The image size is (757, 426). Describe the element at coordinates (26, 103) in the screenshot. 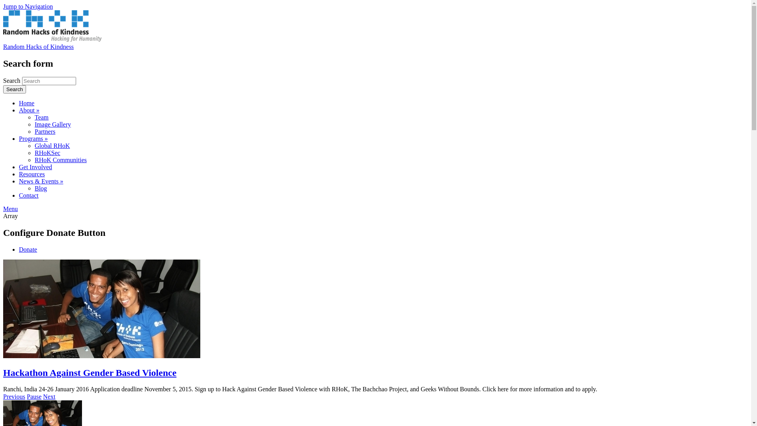

I see `'Home'` at that location.